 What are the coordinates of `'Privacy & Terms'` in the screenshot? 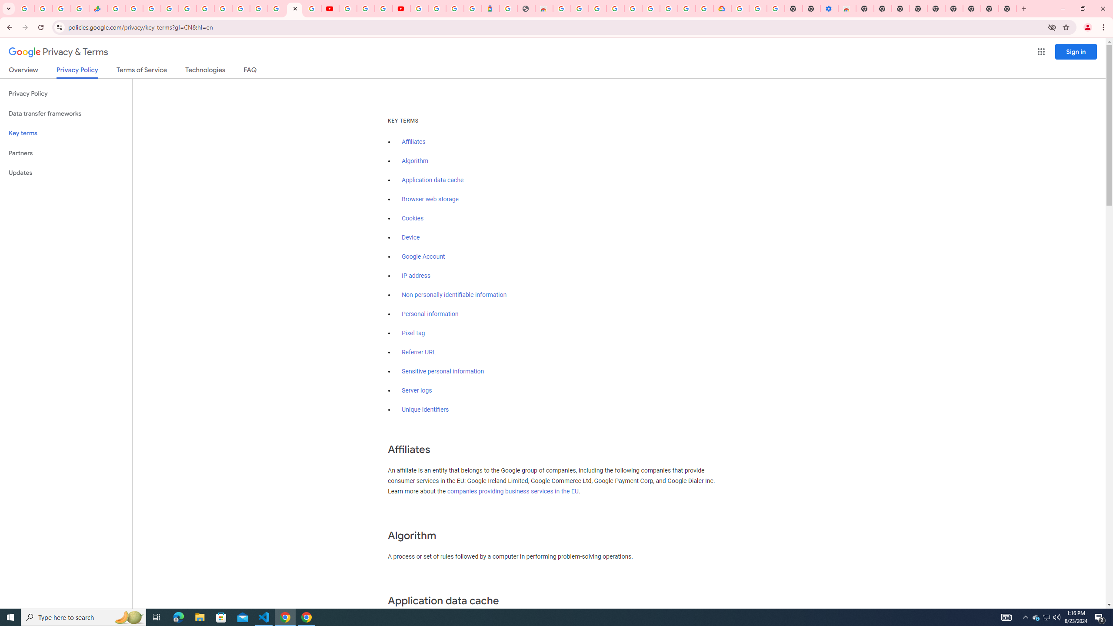 It's located at (58, 52).